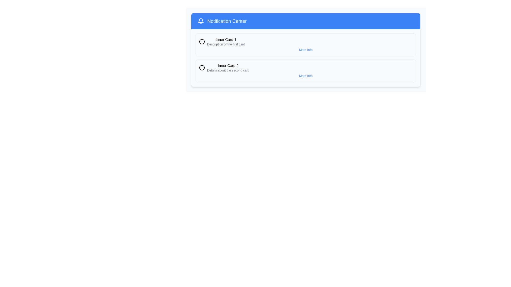 Image resolution: width=511 pixels, height=287 pixels. I want to click on the bell-shaped notification icon located in the blue header bar next to the 'Notification Center' text, so click(200, 21).